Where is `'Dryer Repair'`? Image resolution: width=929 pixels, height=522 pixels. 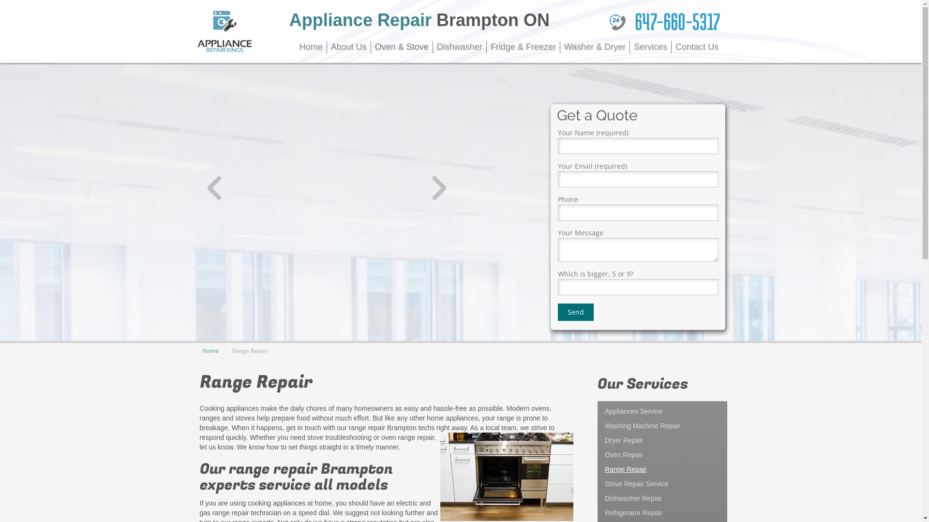 'Dryer Repair' is located at coordinates (661, 440).